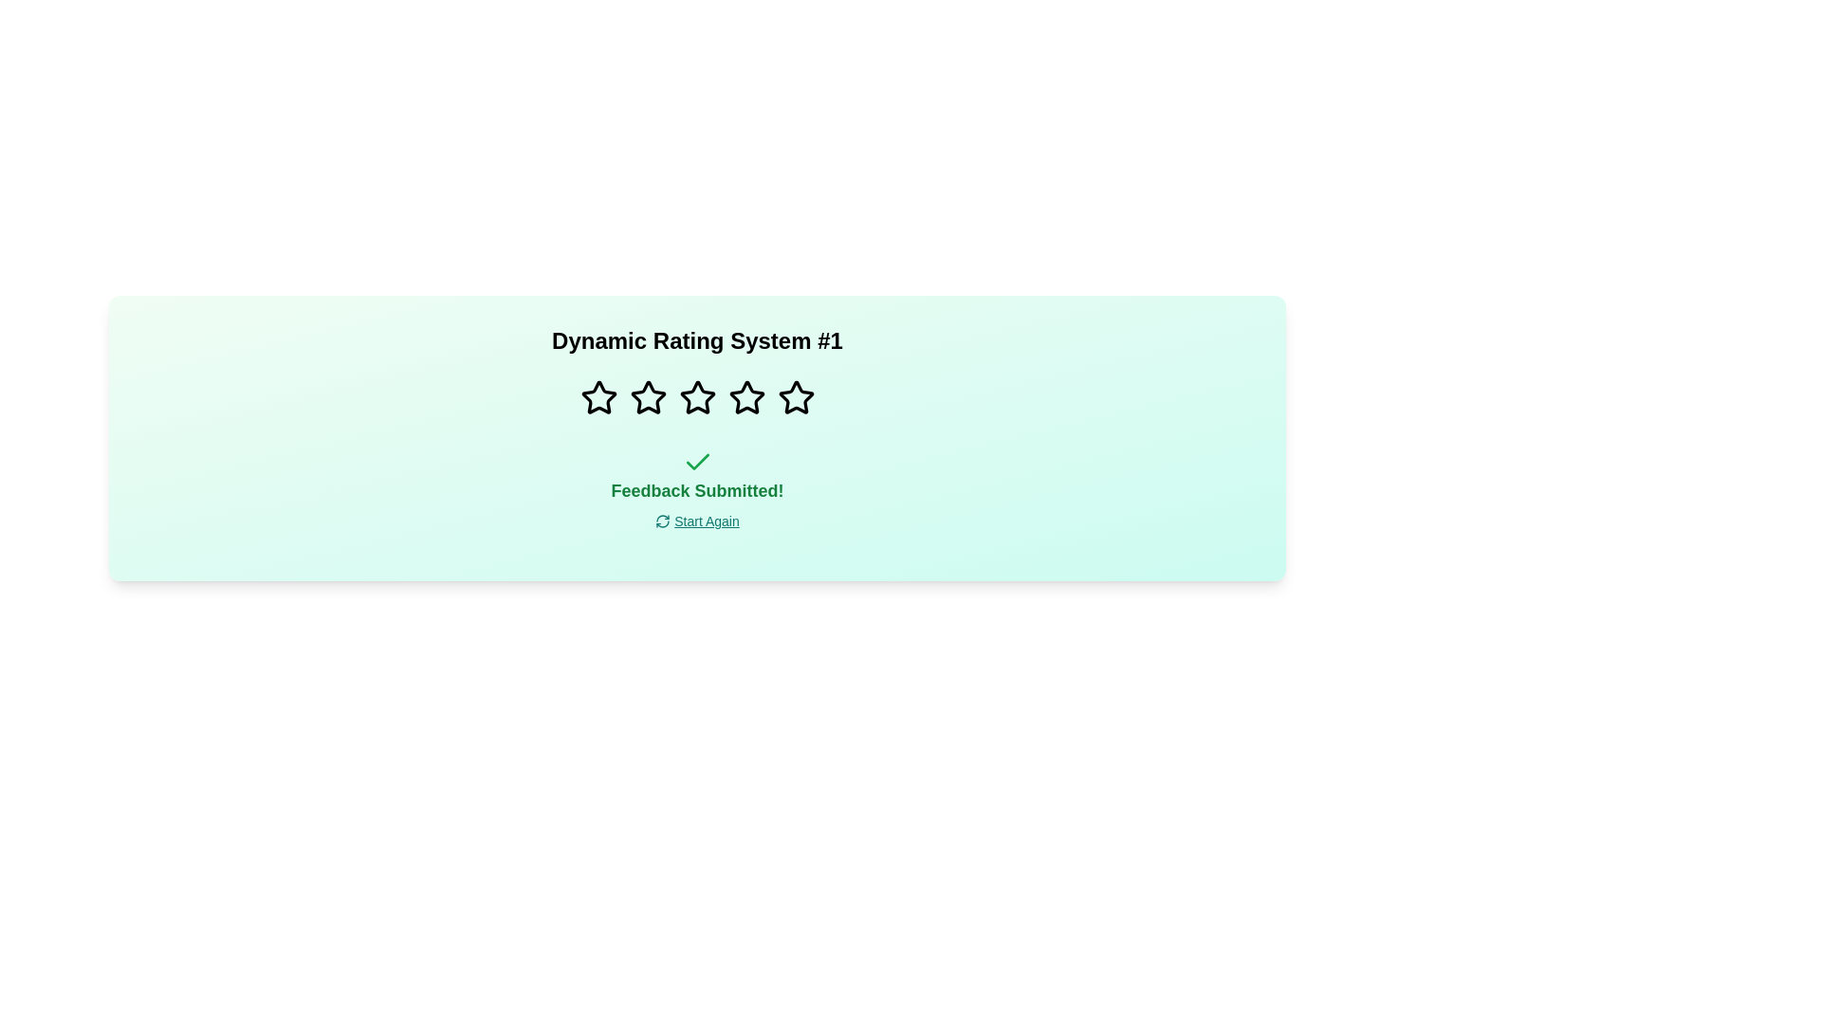 This screenshot has width=1821, height=1024. I want to click on the first star in the horizontal row of five stars to rate it, so click(598, 396).